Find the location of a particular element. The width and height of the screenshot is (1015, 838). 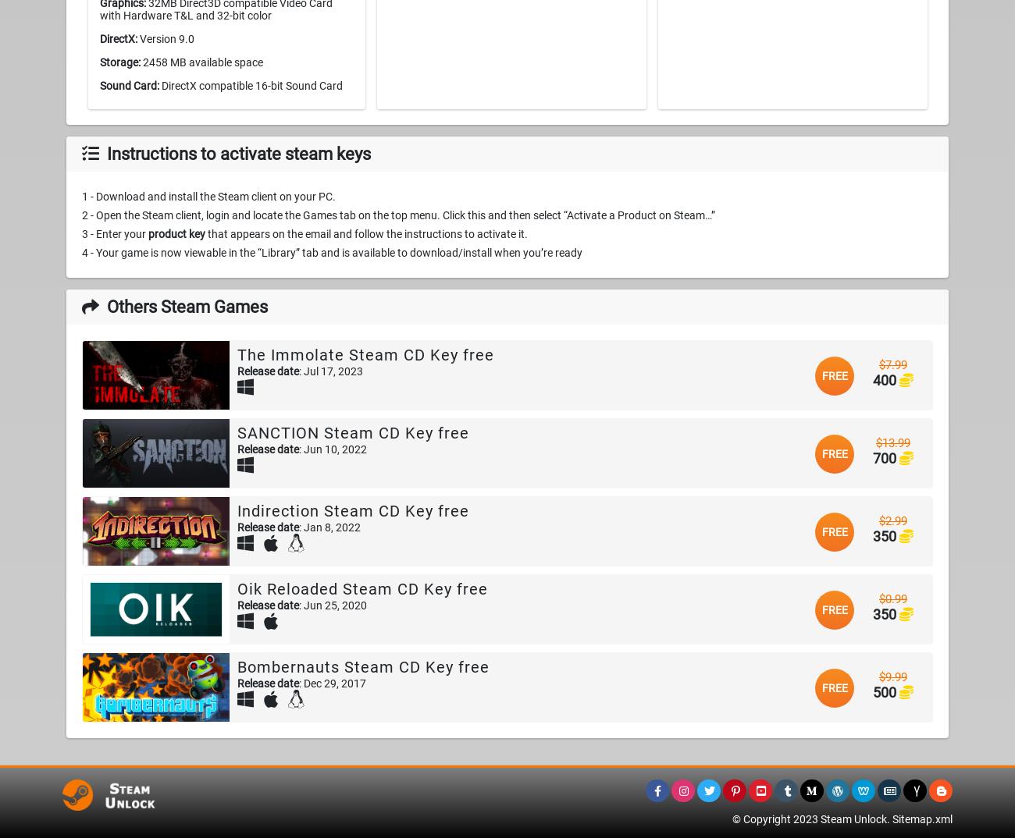

'$9.99' is located at coordinates (893, 676).